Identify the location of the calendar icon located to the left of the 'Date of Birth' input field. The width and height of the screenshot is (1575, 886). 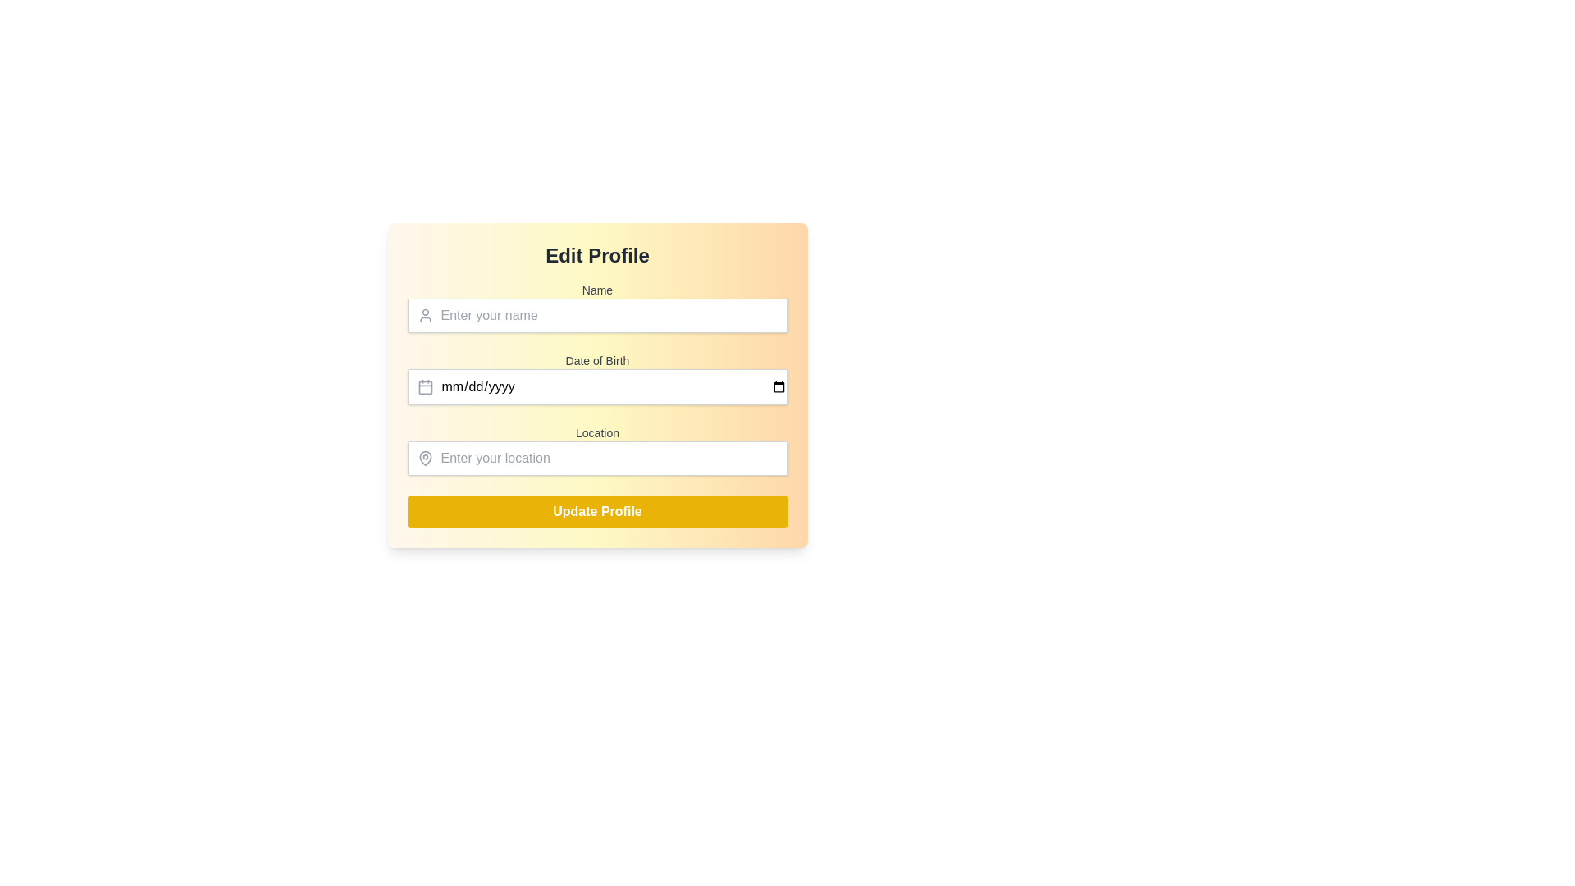
(425, 387).